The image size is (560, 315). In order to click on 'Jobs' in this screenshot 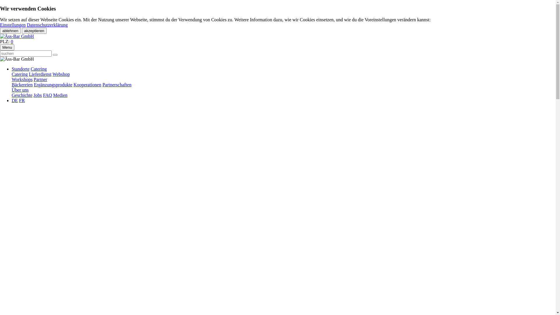, I will do `click(33, 95)`.